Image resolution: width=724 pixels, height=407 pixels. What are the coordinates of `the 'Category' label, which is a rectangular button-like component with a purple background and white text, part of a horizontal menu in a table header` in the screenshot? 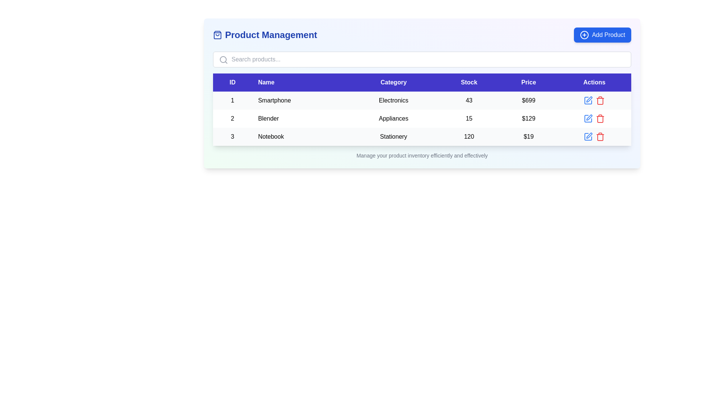 It's located at (393, 83).